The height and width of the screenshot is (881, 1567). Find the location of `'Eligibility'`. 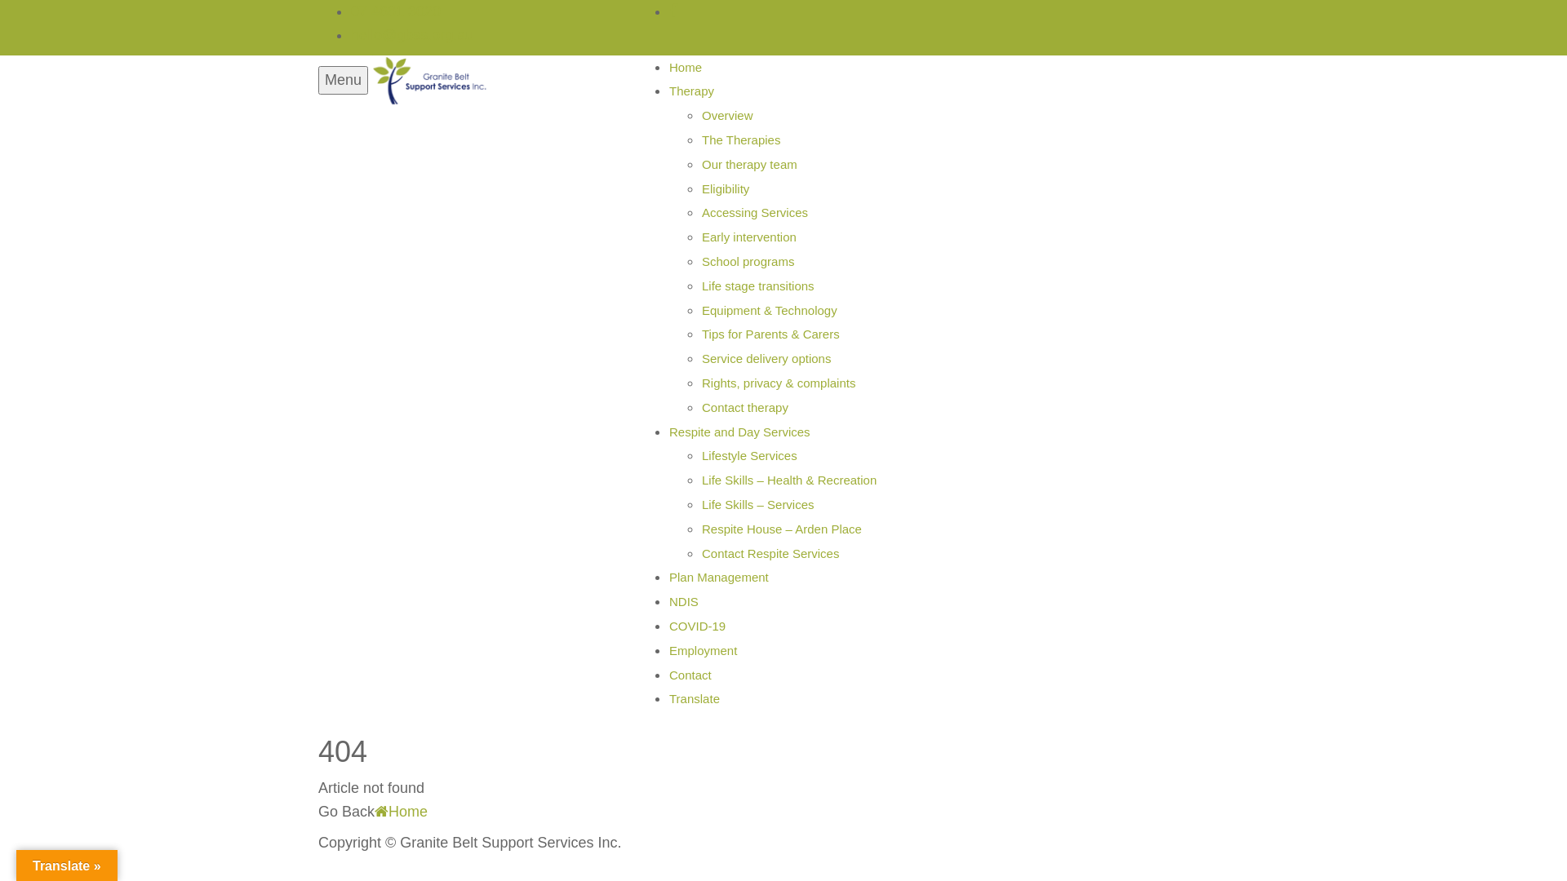

'Eligibility' is located at coordinates (724, 188).